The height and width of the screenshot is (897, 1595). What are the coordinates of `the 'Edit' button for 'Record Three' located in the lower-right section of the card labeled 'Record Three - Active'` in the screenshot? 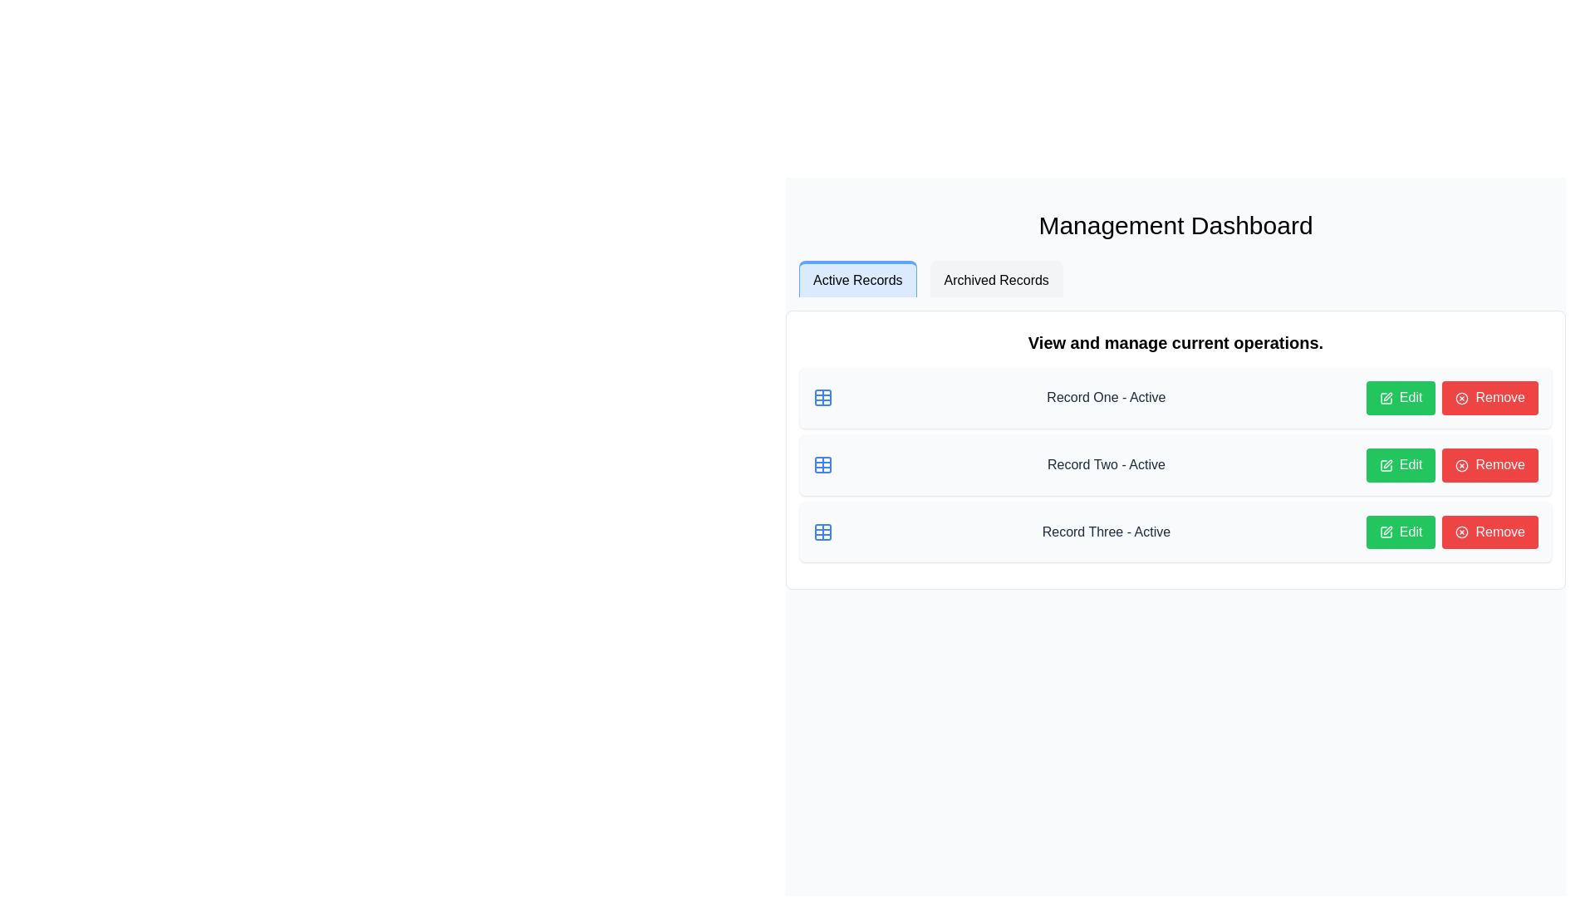 It's located at (1400, 532).